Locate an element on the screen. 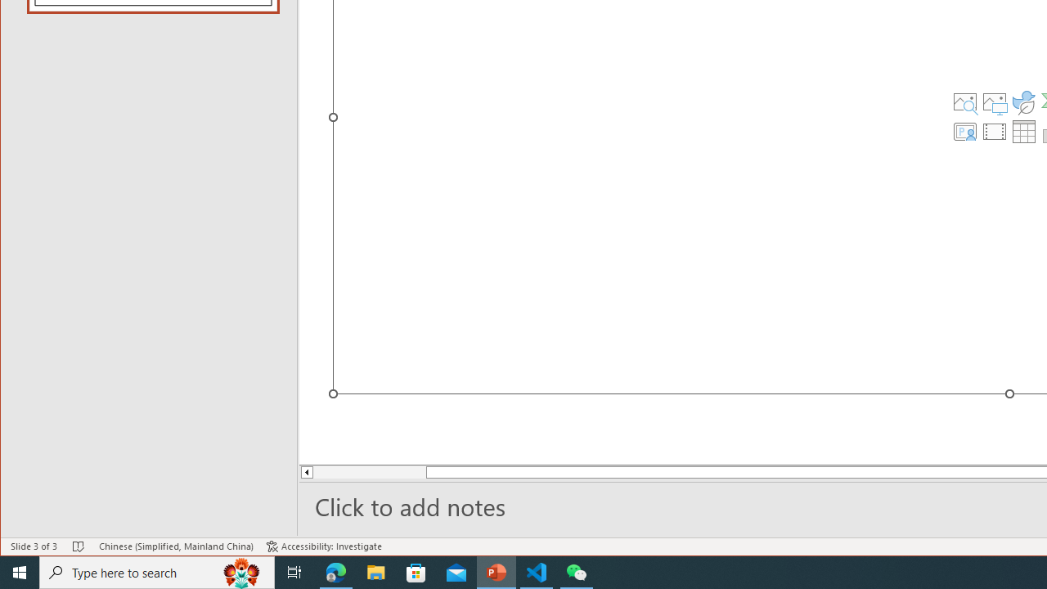  'Stock Images' is located at coordinates (964, 101).